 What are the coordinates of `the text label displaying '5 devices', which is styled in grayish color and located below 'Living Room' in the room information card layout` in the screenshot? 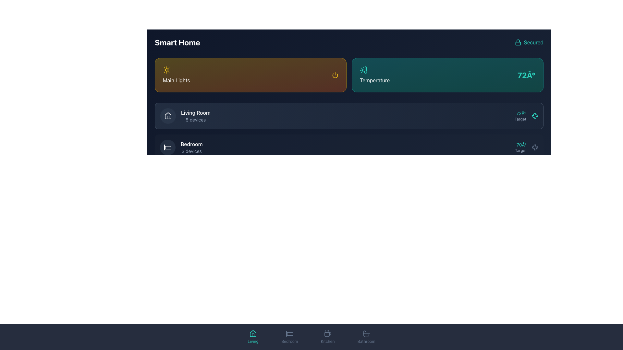 It's located at (195, 120).